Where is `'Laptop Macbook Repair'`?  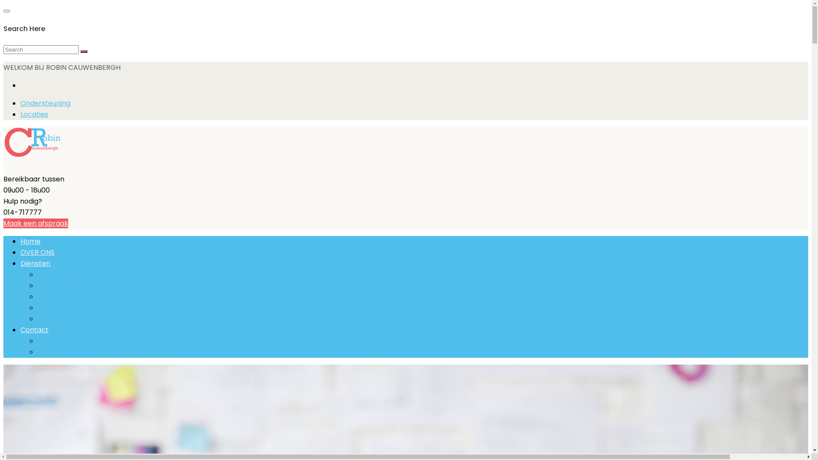
'Laptop Macbook Repair' is located at coordinates (78, 319).